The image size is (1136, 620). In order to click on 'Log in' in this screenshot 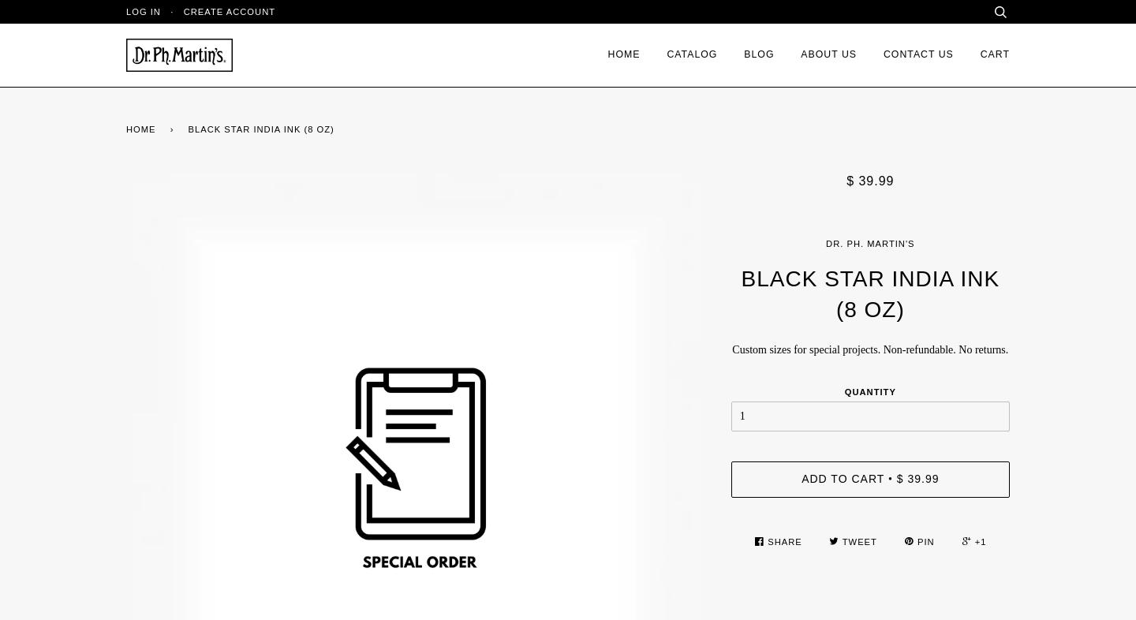, I will do `click(143, 11)`.